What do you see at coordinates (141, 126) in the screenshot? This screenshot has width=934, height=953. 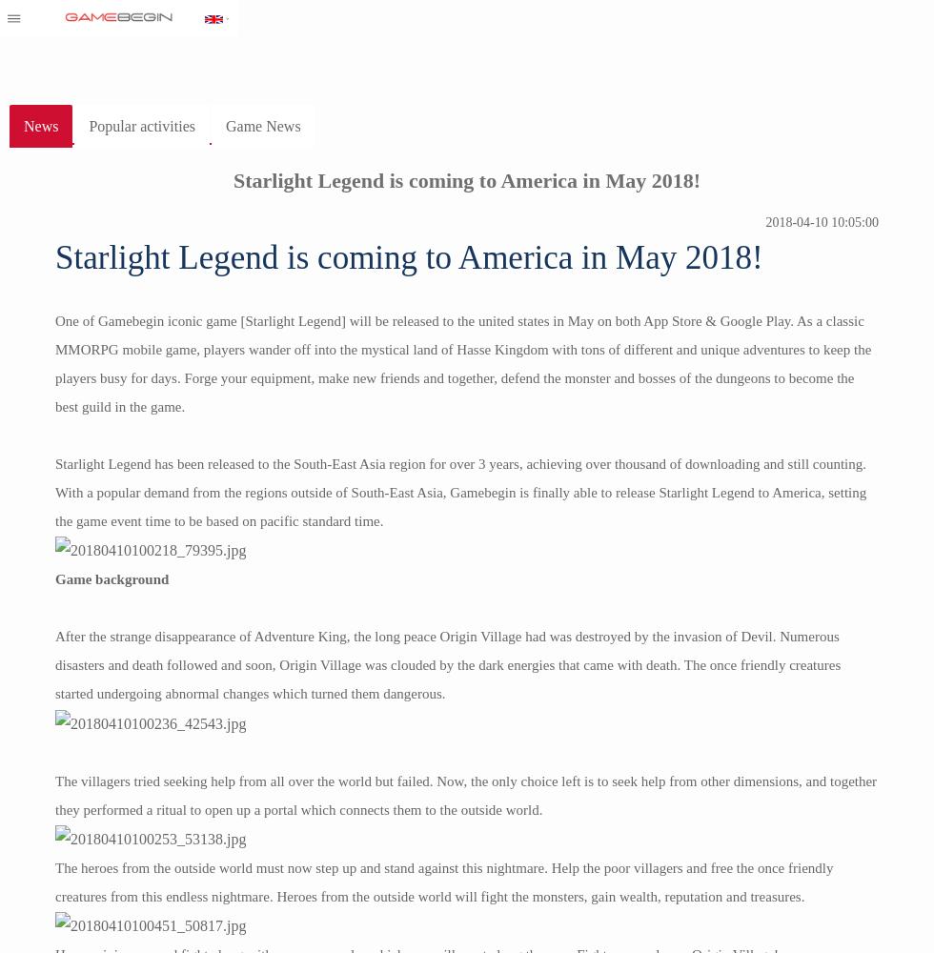 I see `'Popular activities'` at bounding box center [141, 126].